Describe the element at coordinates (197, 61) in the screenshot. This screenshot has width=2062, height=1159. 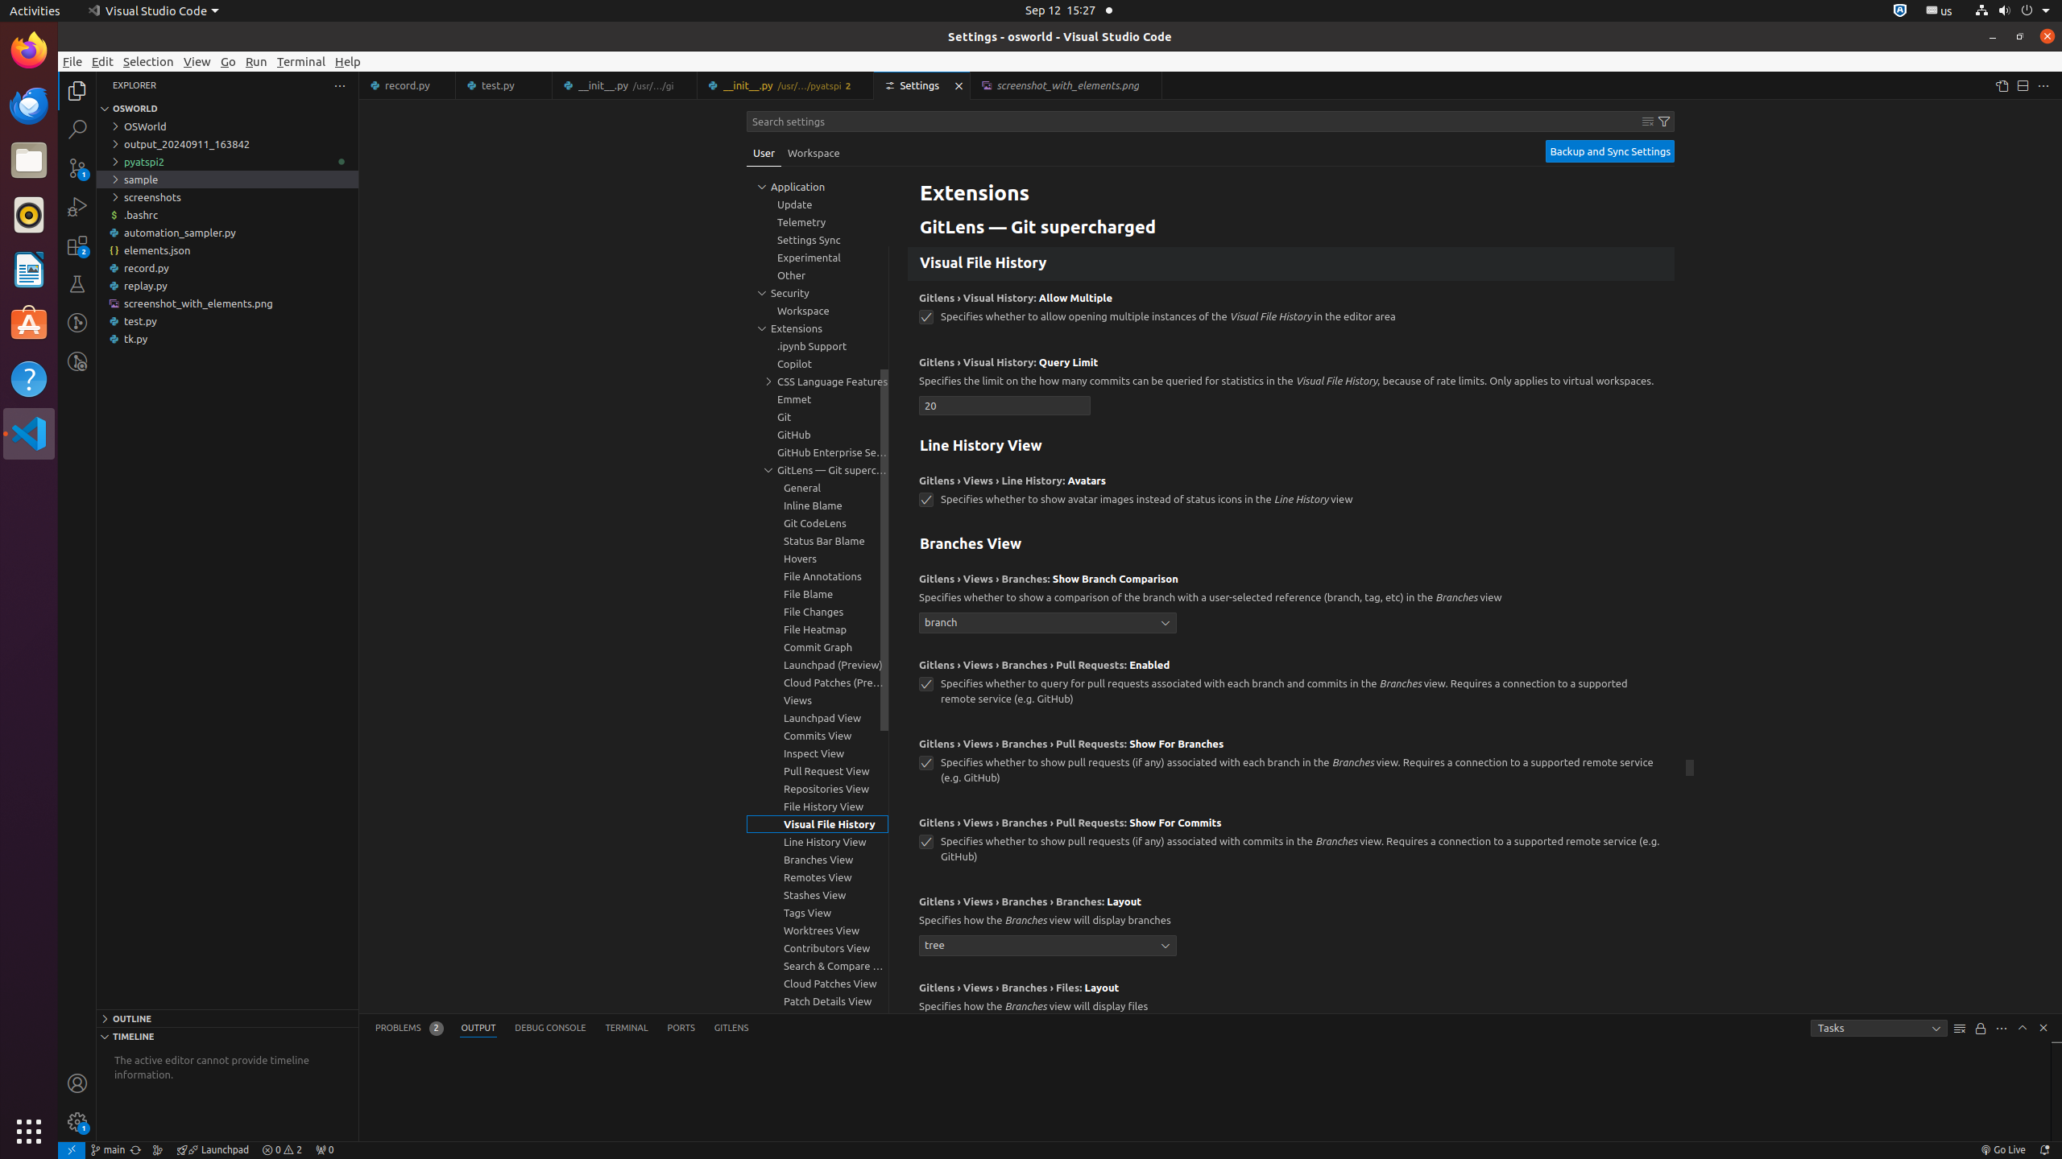
I see `'View'` at that location.